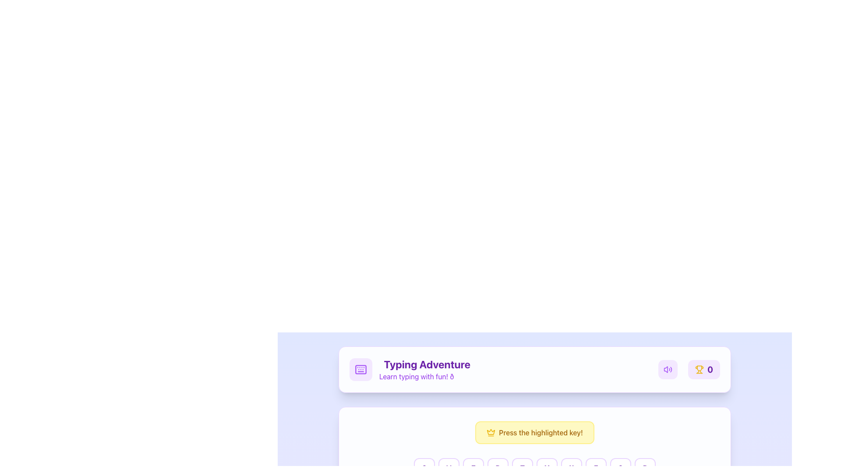 This screenshot has height=473, width=841. I want to click on the audio settings toggle button located in the top interface bar, which is the leftmost interactive icon among two, so click(667, 370).